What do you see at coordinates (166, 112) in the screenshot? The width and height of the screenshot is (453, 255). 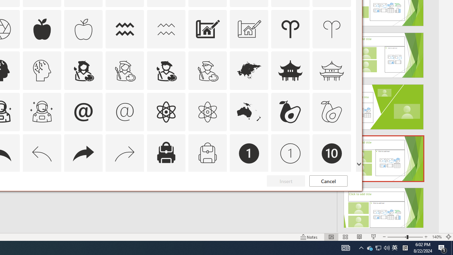 I see `'AutomationID: Icons_Atom'` at bounding box center [166, 112].